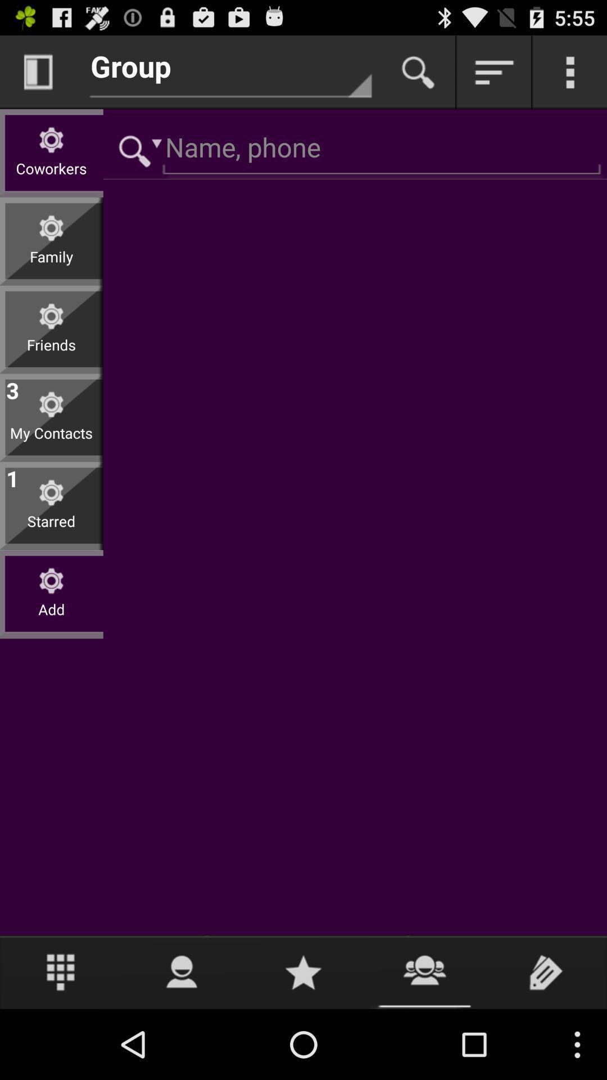 The height and width of the screenshot is (1080, 607). I want to click on to favorites, so click(303, 971).